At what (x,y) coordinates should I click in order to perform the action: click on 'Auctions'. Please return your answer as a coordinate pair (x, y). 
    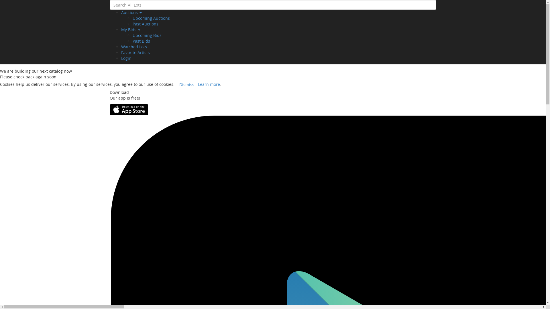
    Looking at the image, I should click on (131, 12).